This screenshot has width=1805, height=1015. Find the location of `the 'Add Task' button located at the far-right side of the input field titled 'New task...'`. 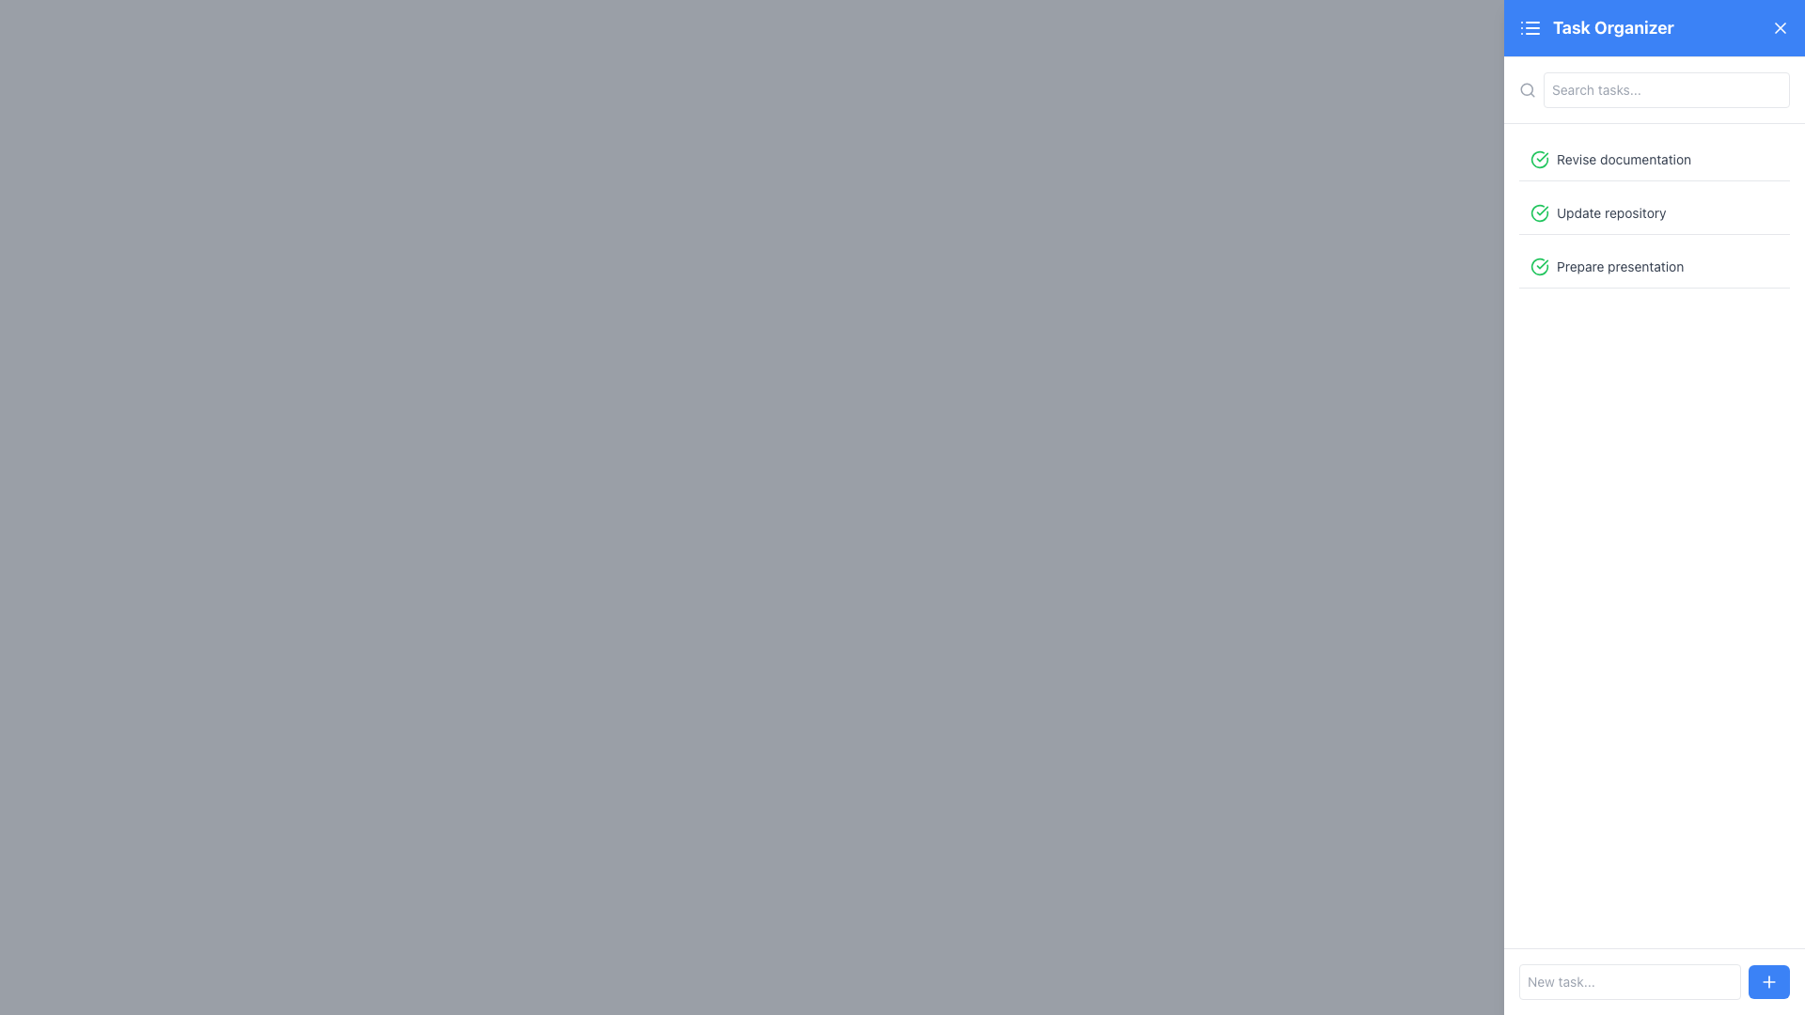

the 'Add Task' button located at the far-right side of the input field titled 'New task...' is located at coordinates (1767, 981).